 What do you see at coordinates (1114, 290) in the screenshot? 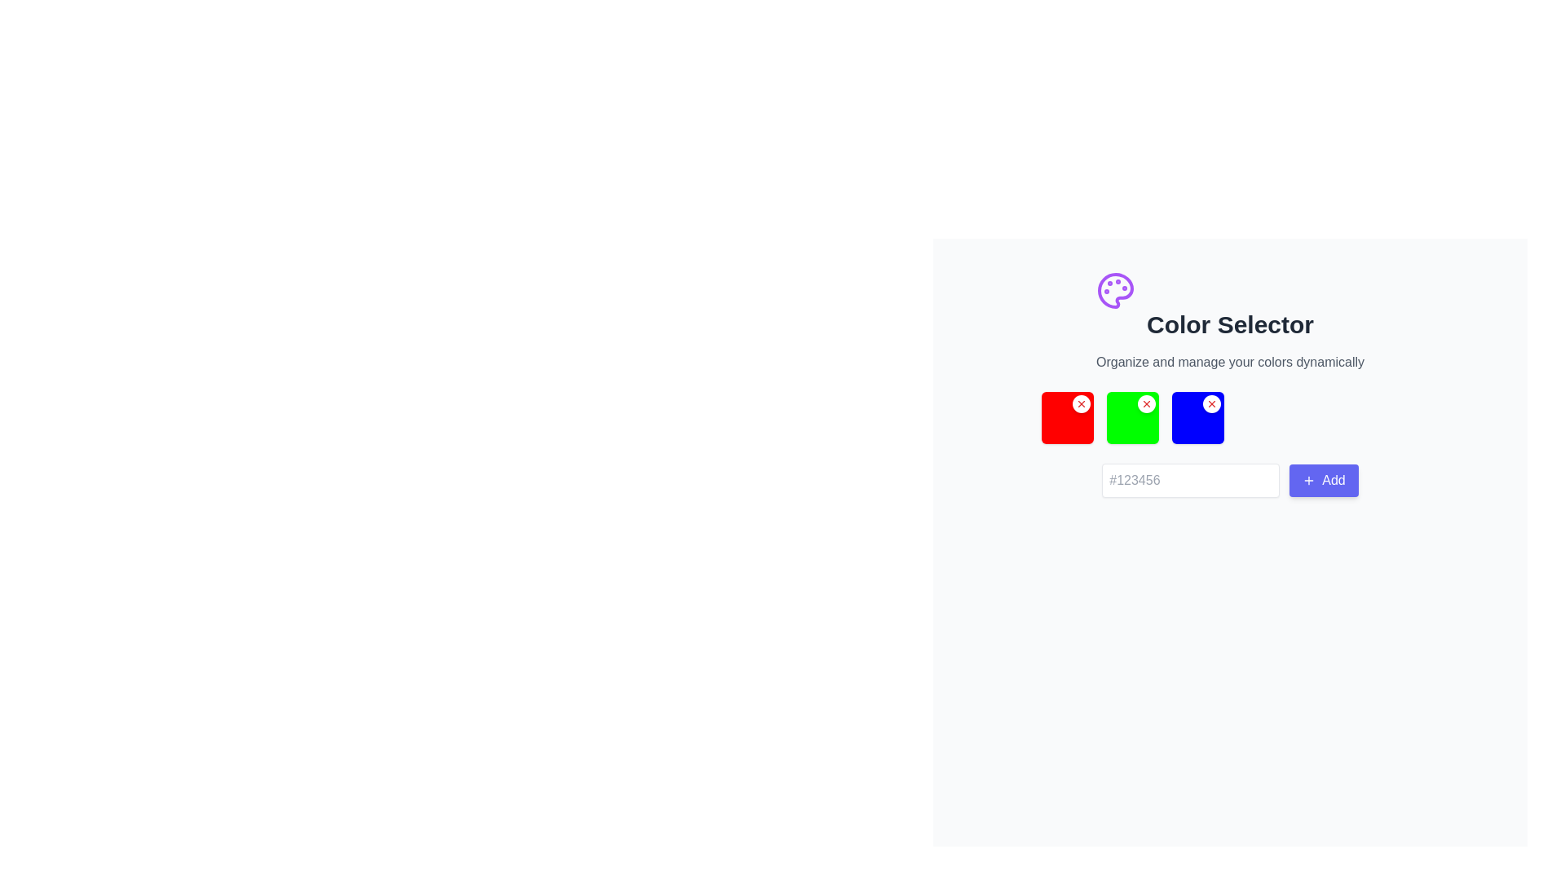
I see `the decorative icon representing the concept of a palette located at the top of the 'Color Selector' section, above the text 'Color Selector'` at bounding box center [1114, 290].